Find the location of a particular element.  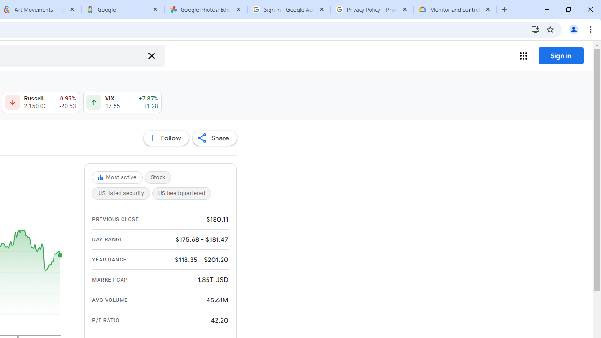

'Russell 2,150.03 Down by 0.95% -20.53' is located at coordinates (40, 102).